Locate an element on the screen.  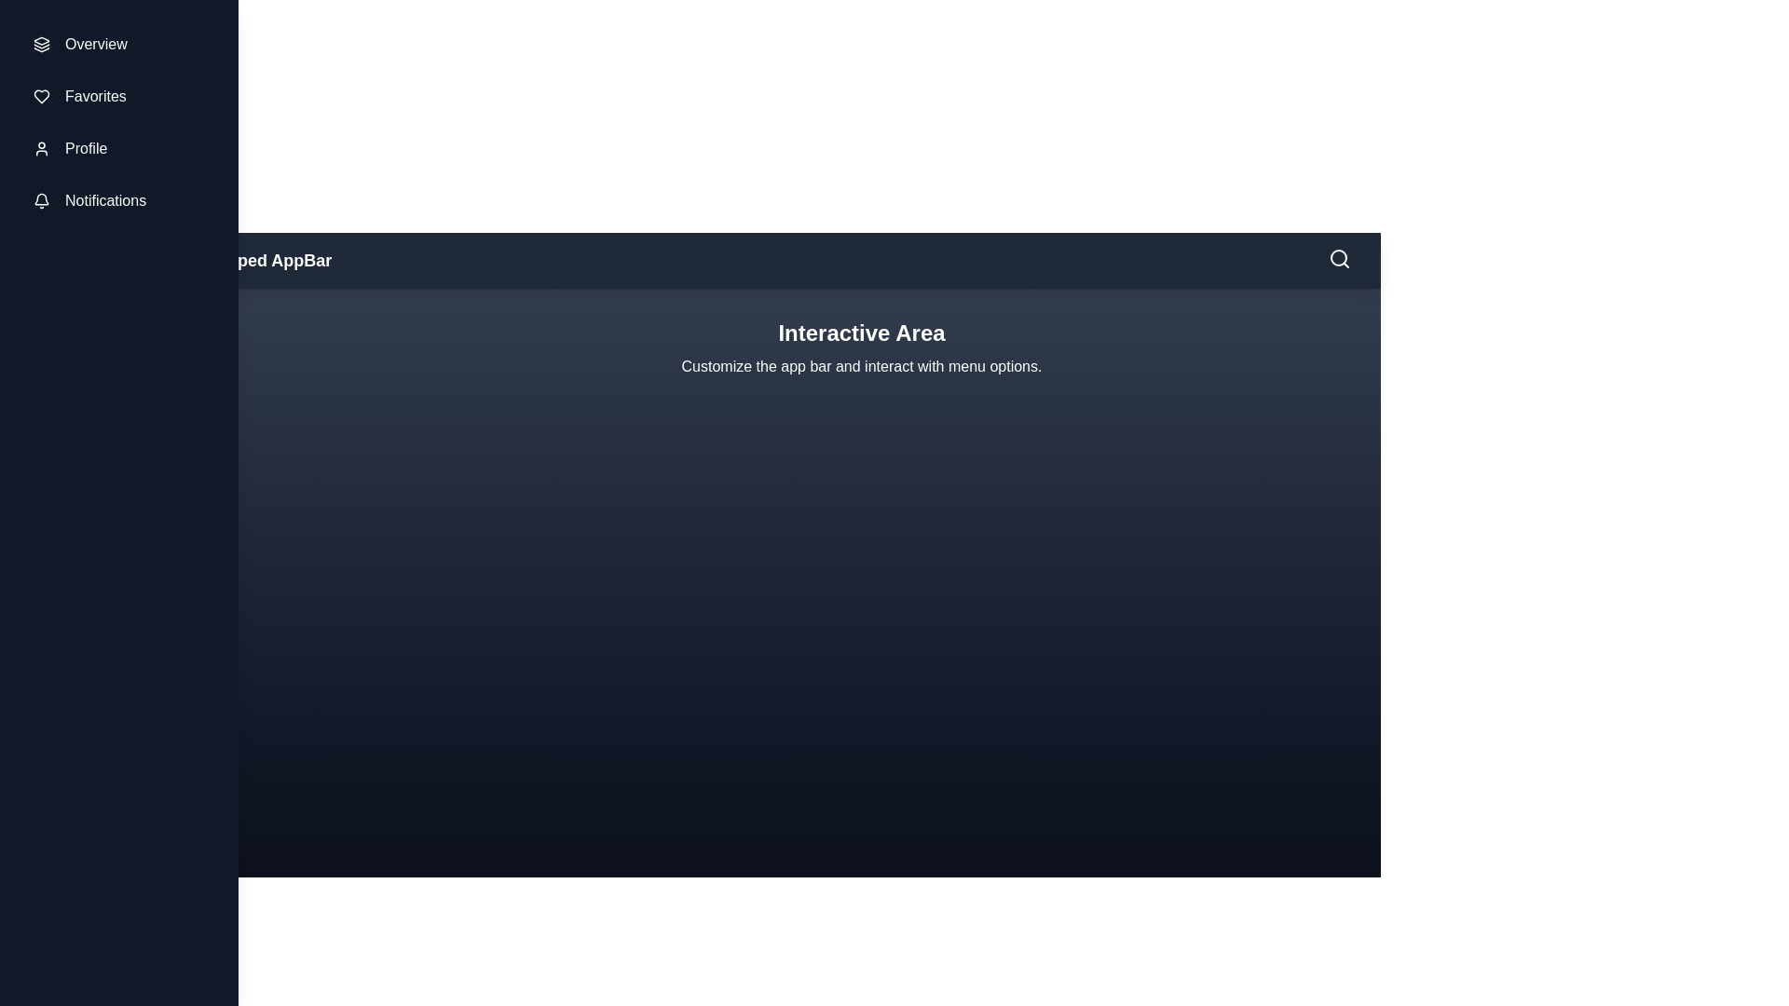
the sidebar item Profile to highlight it is located at coordinates (118, 147).